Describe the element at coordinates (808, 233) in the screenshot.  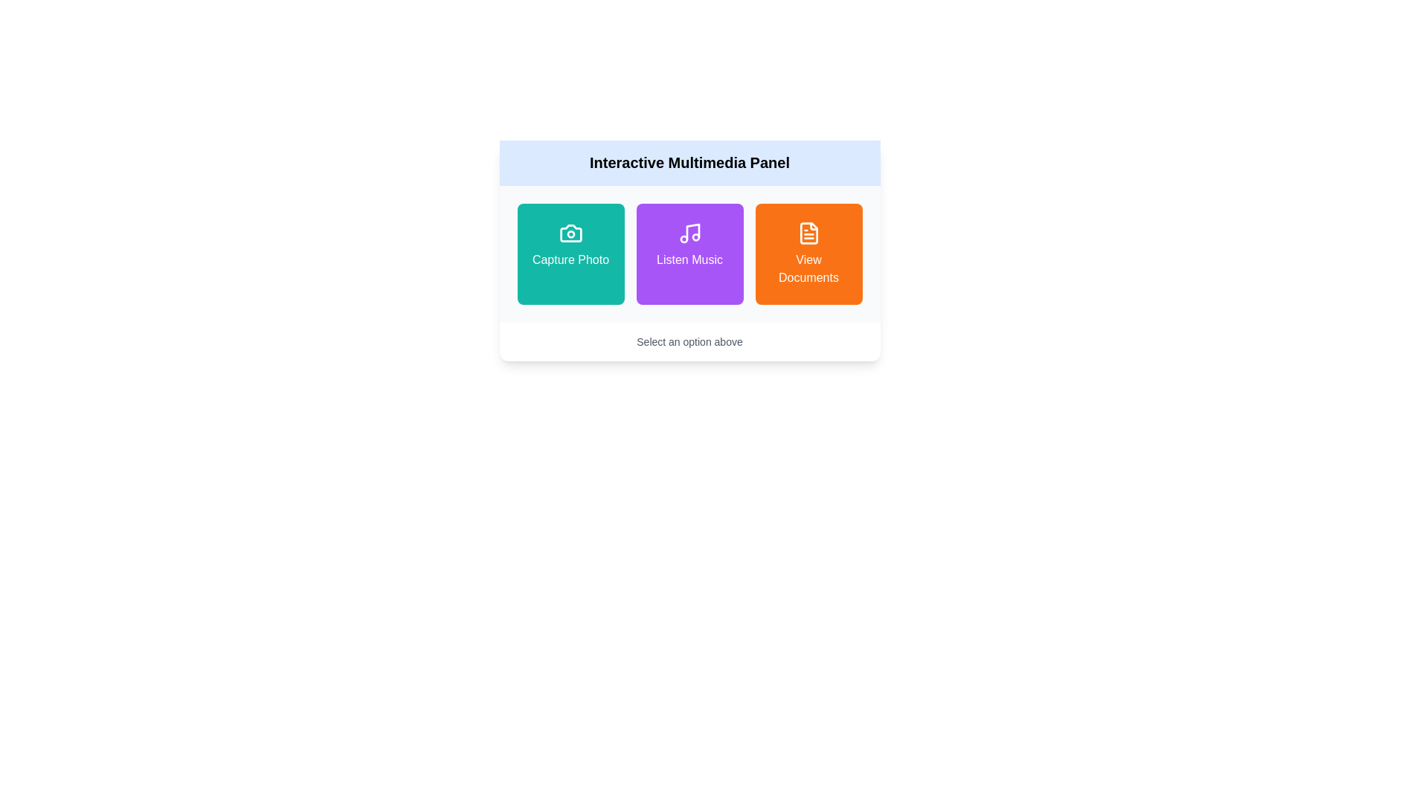
I see `the graphic of the file icon located in the 'View Documents' section, which is a rectangular plate-like shape with an orange and white color scheme and a folded corner design` at that location.